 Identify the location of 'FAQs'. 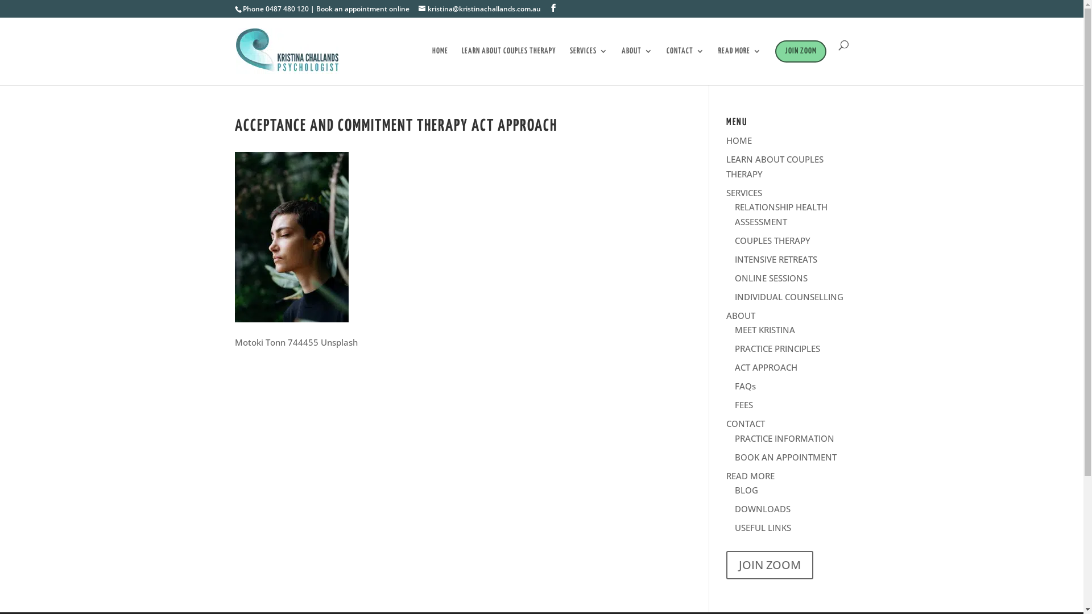
(745, 385).